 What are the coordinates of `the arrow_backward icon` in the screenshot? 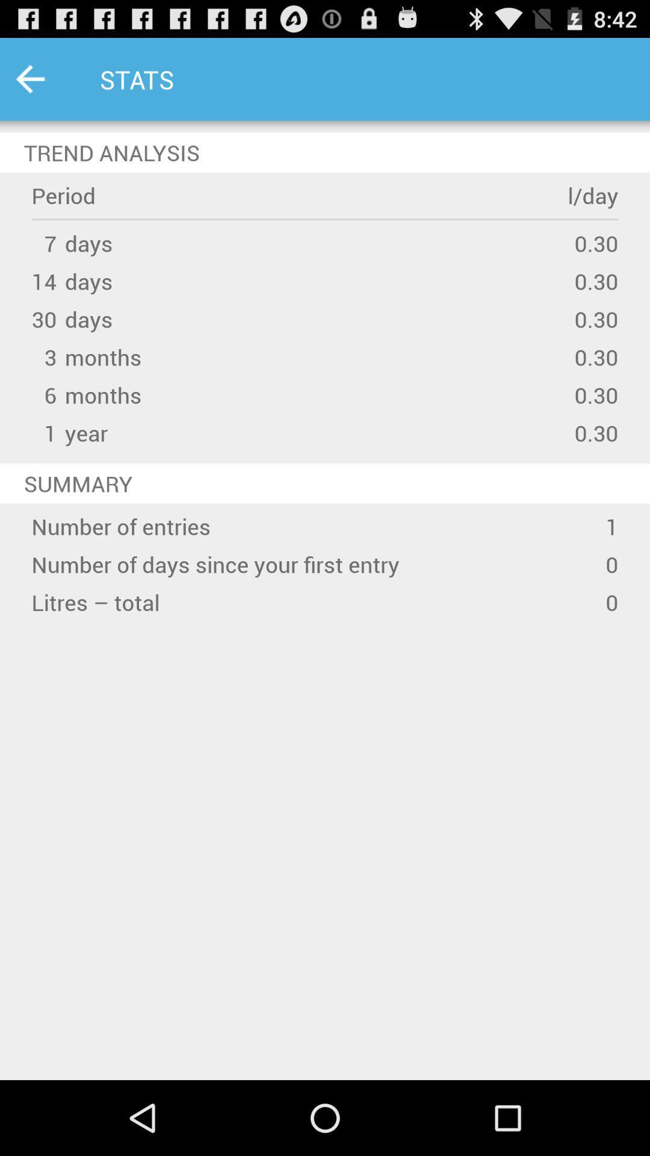 It's located at (46, 84).